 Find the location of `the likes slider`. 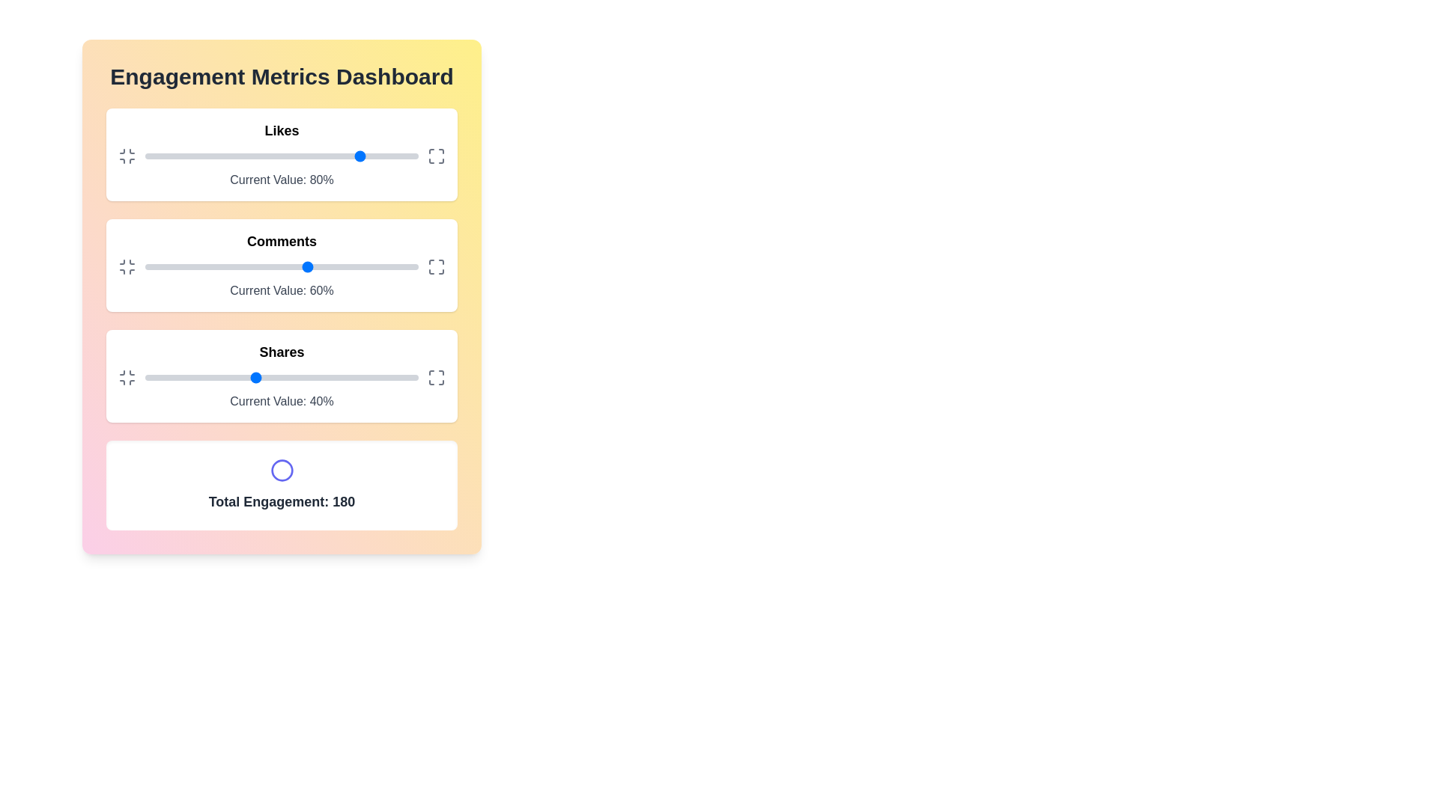

the likes slider is located at coordinates (196, 156).